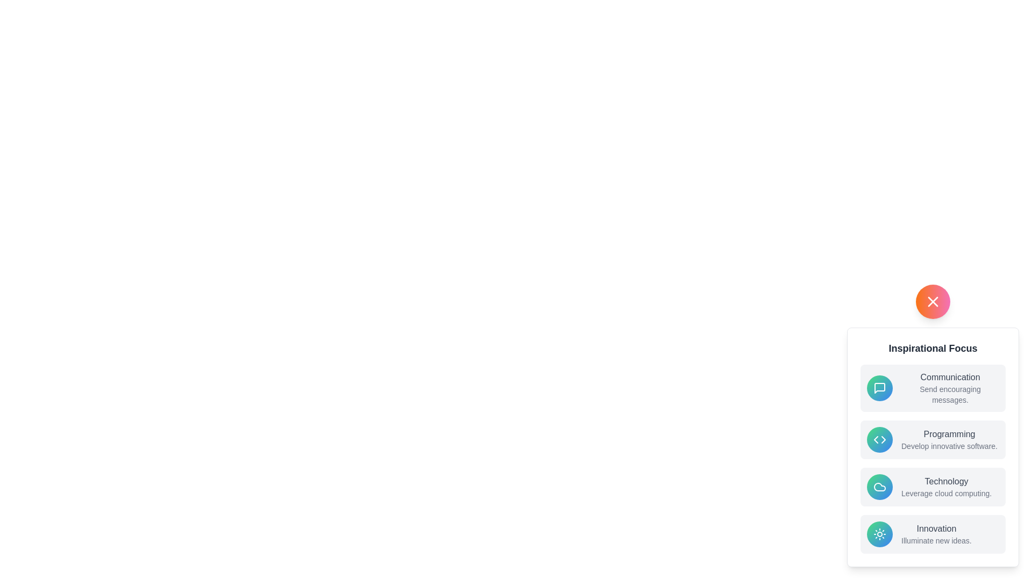 The height and width of the screenshot is (580, 1032). I want to click on the Programming menu item, so click(933, 439).